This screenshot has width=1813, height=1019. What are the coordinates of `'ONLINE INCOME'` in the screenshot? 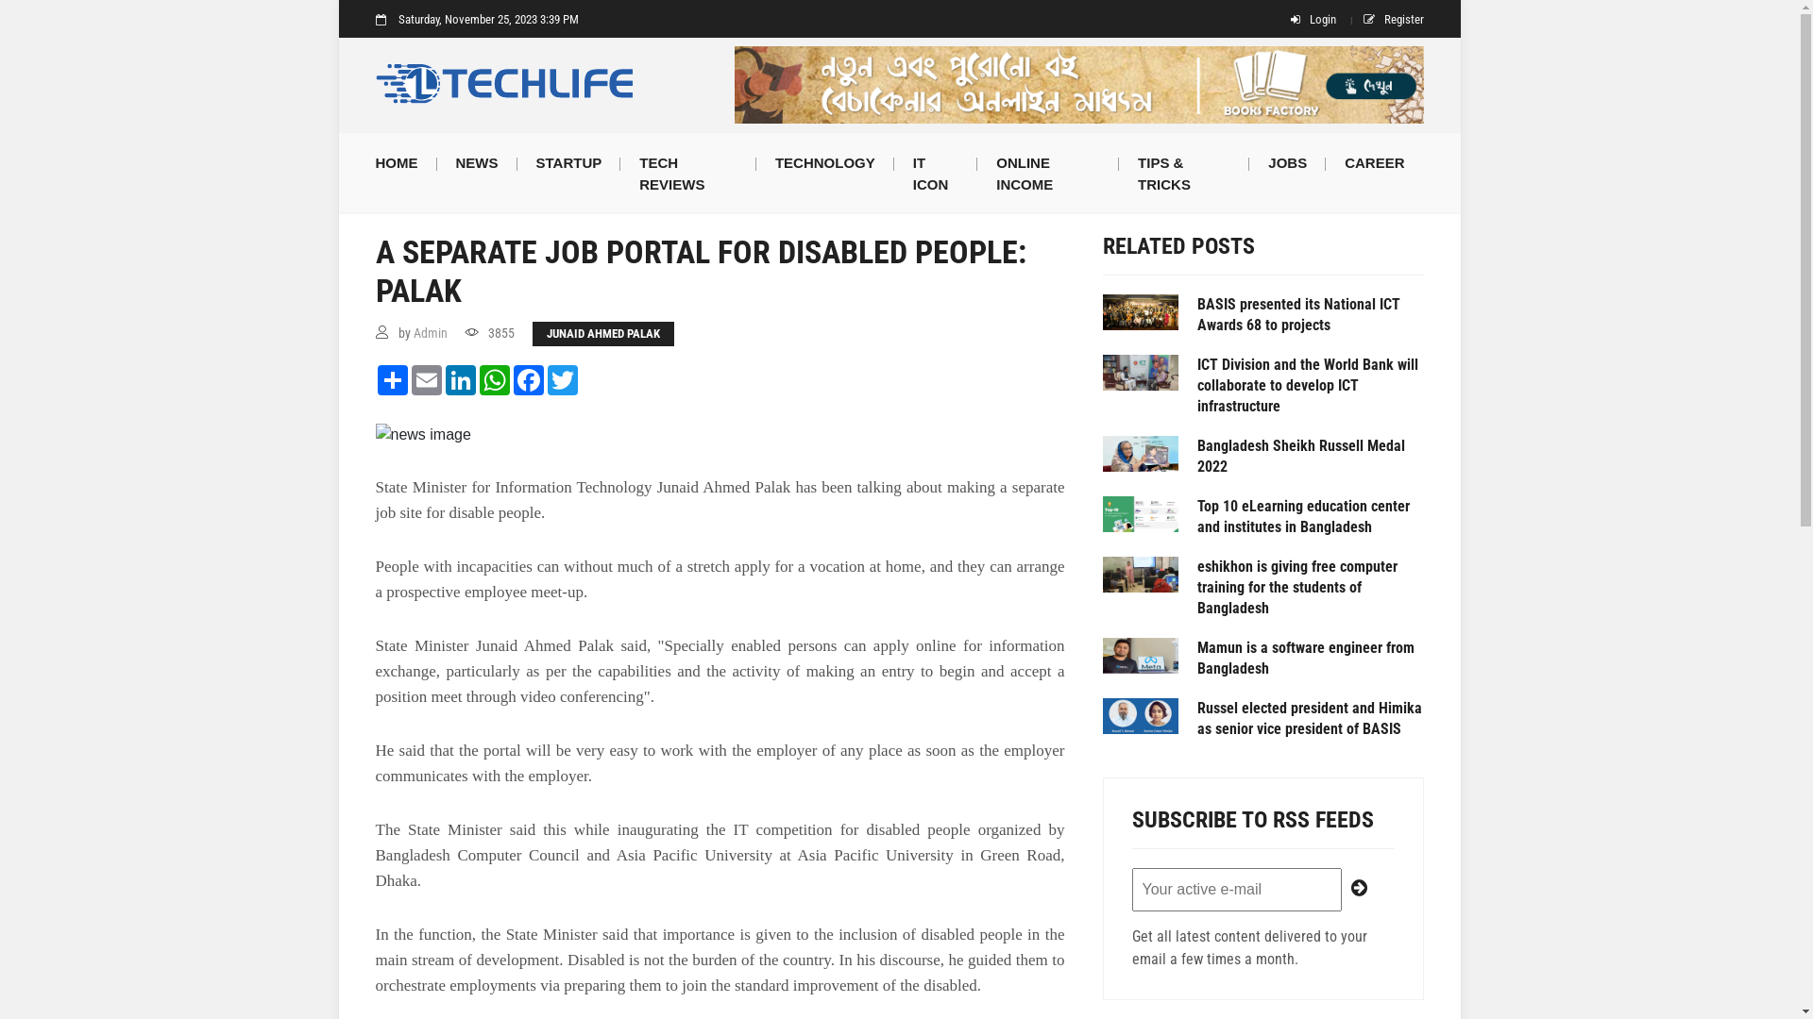 It's located at (1046, 172).